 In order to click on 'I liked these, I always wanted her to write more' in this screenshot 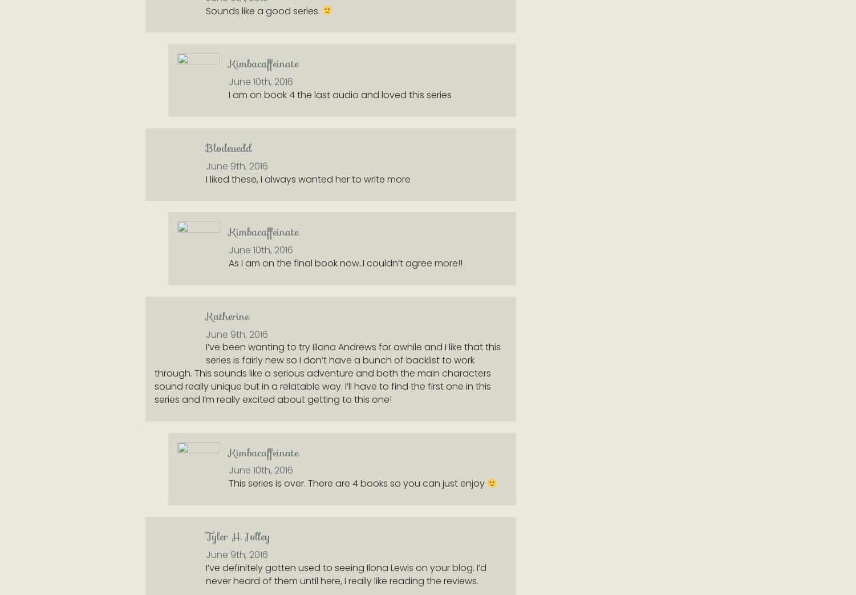, I will do `click(307, 178)`.